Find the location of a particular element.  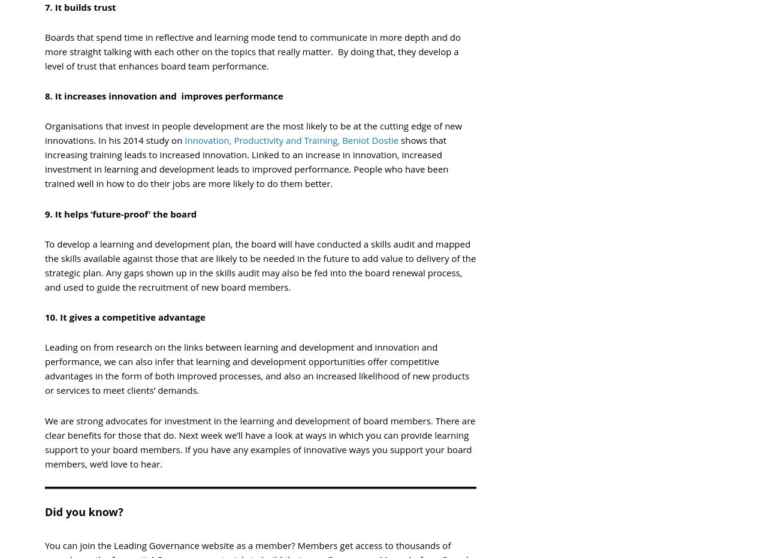

'8. It increases innovation and  improves performance' is located at coordinates (163, 95).